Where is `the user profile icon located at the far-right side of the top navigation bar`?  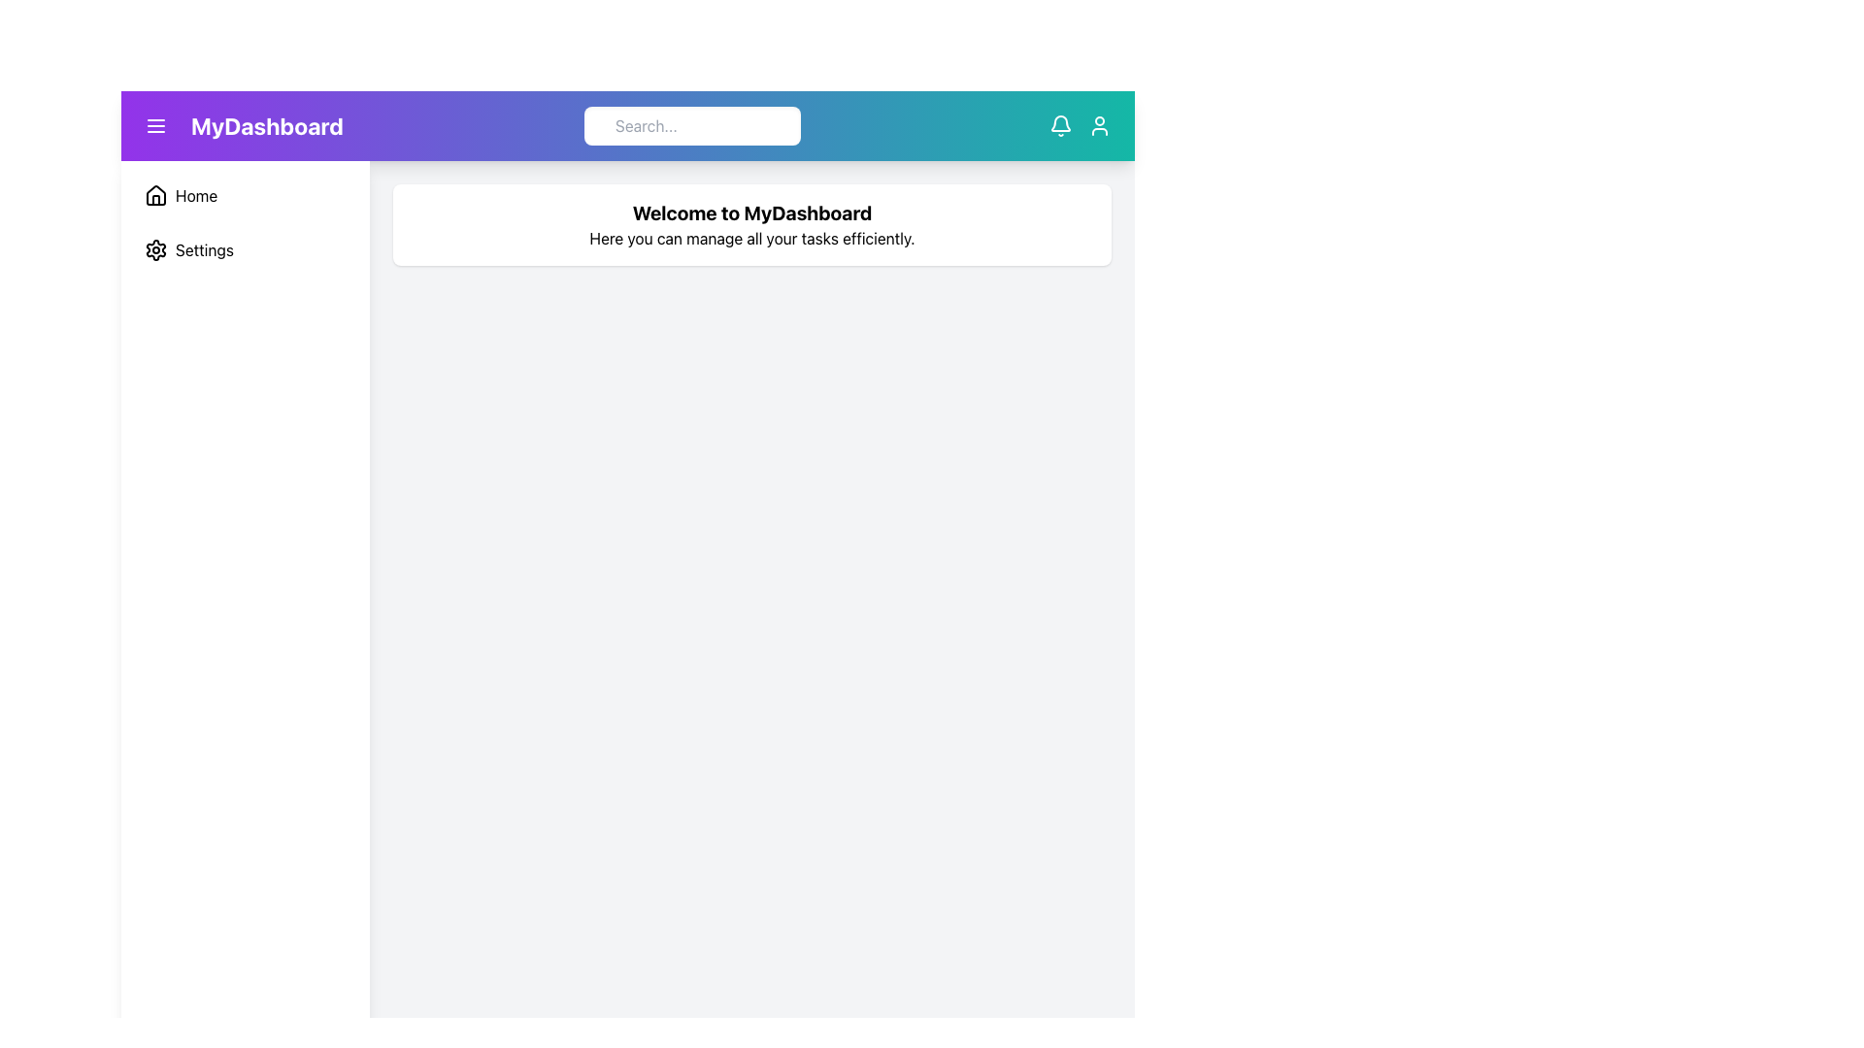
the user profile icon located at the far-right side of the top navigation bar is located at coordinates (1099, 126).